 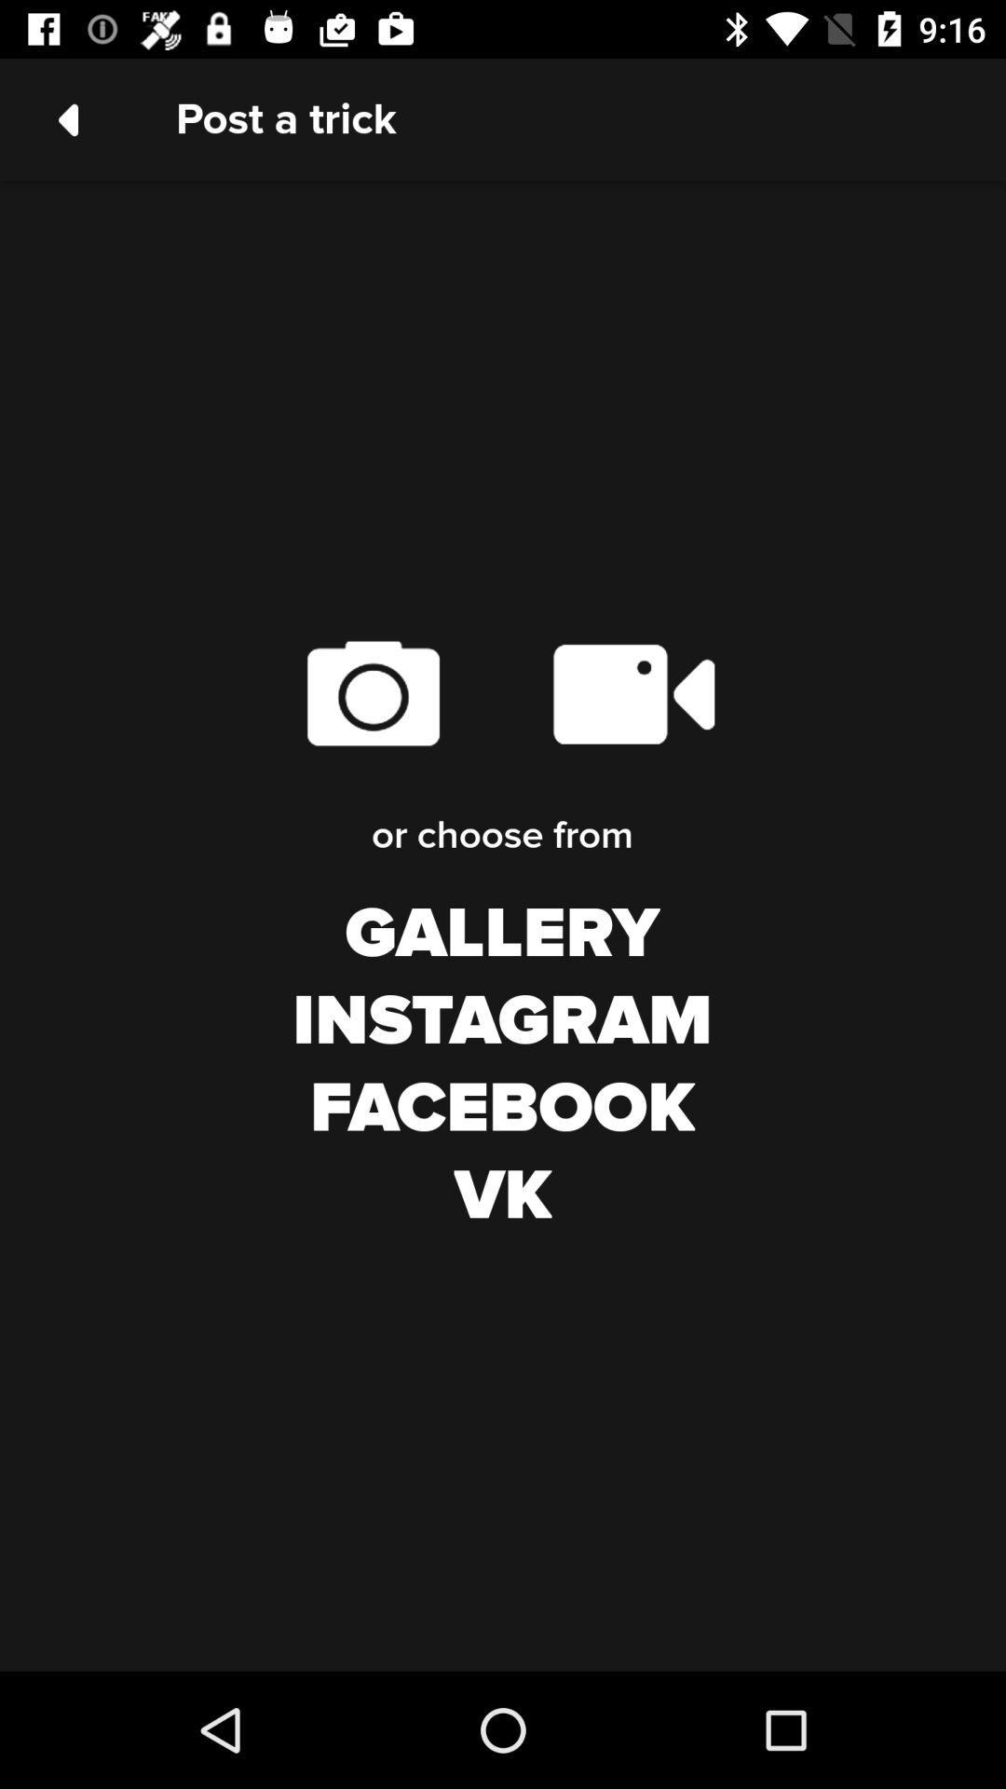 I want to click on icon above vk icon, so click(x=501, y=1109).